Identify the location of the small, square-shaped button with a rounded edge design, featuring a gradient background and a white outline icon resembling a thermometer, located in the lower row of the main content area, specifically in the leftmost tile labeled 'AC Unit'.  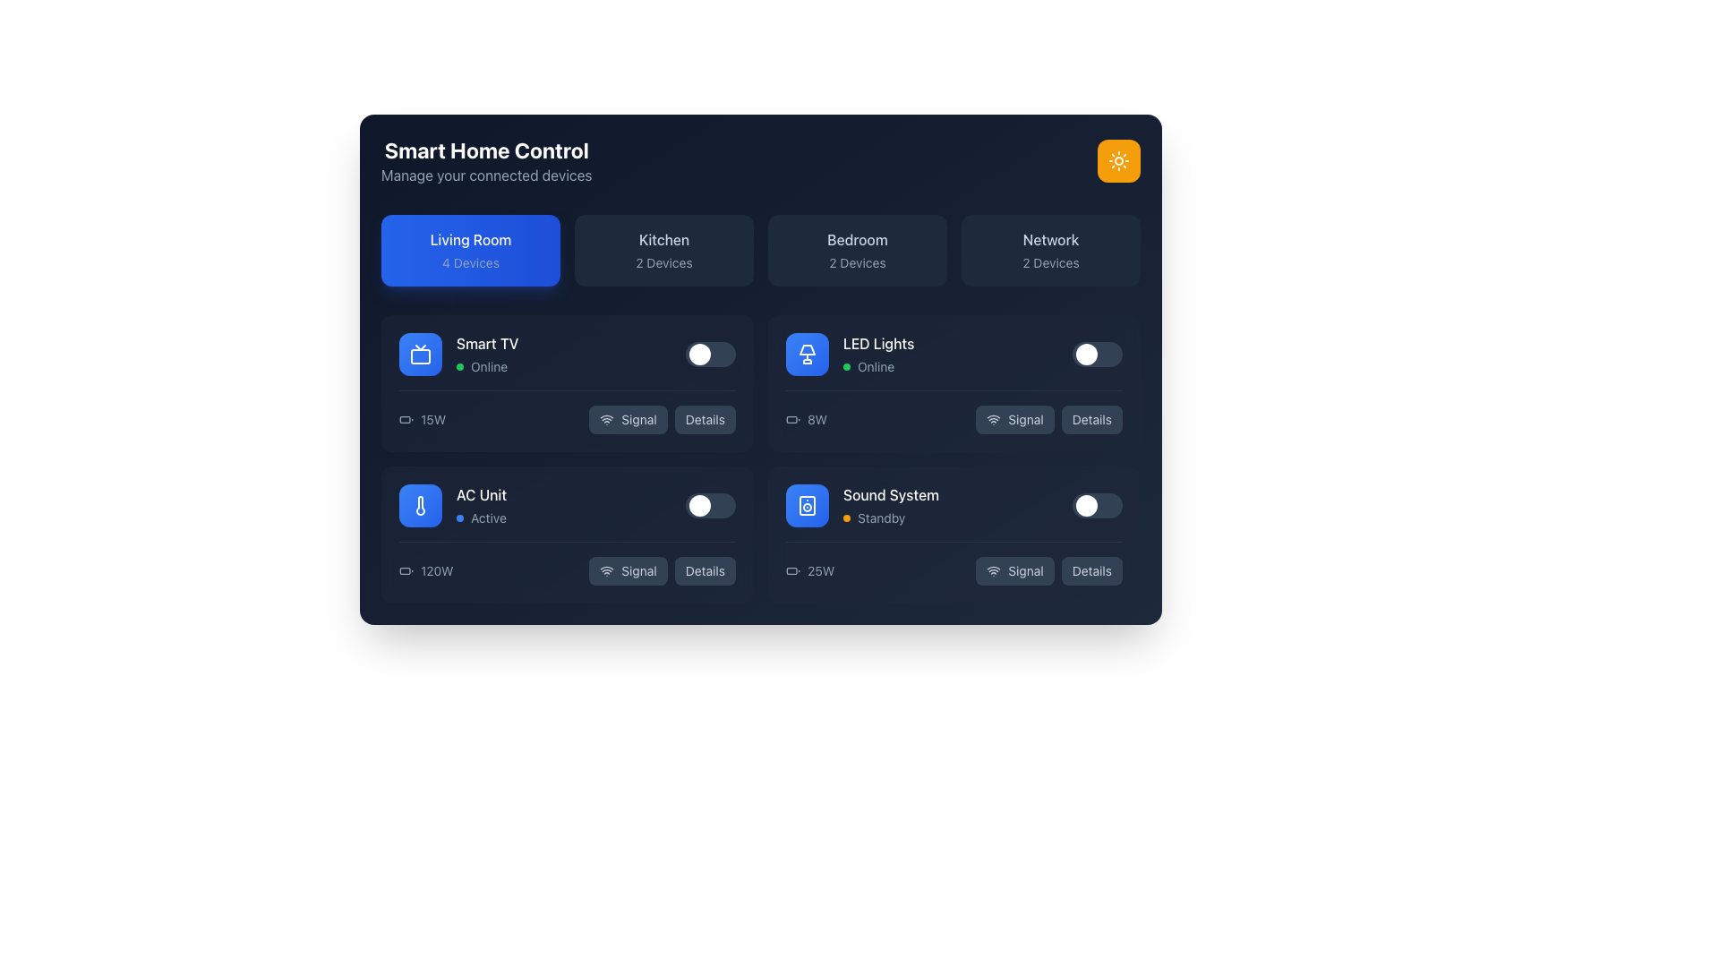
(420, 505).